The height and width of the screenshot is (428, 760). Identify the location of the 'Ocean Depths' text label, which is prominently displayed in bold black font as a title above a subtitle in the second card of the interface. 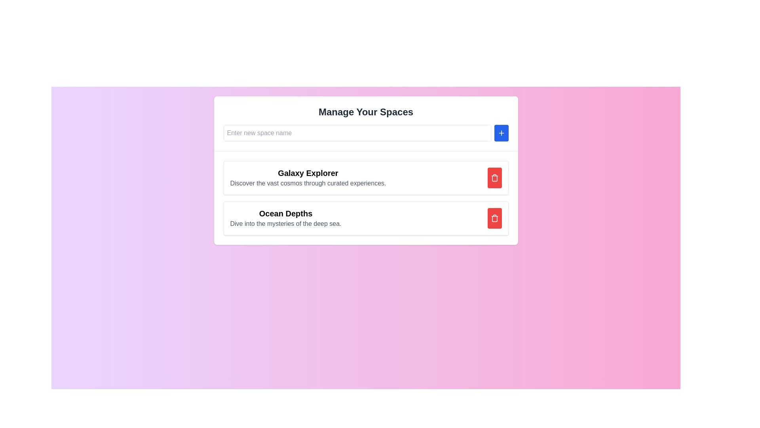
(285, 213).